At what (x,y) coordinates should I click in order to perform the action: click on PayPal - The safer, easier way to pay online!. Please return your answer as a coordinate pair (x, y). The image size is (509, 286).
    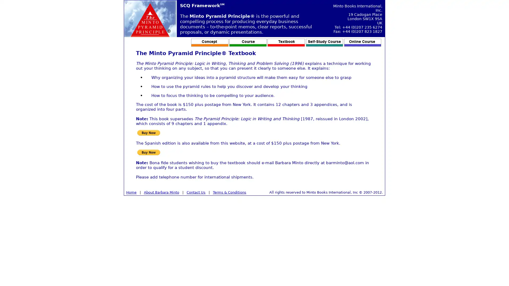
    Looking at the image, I should click on (148, 152).